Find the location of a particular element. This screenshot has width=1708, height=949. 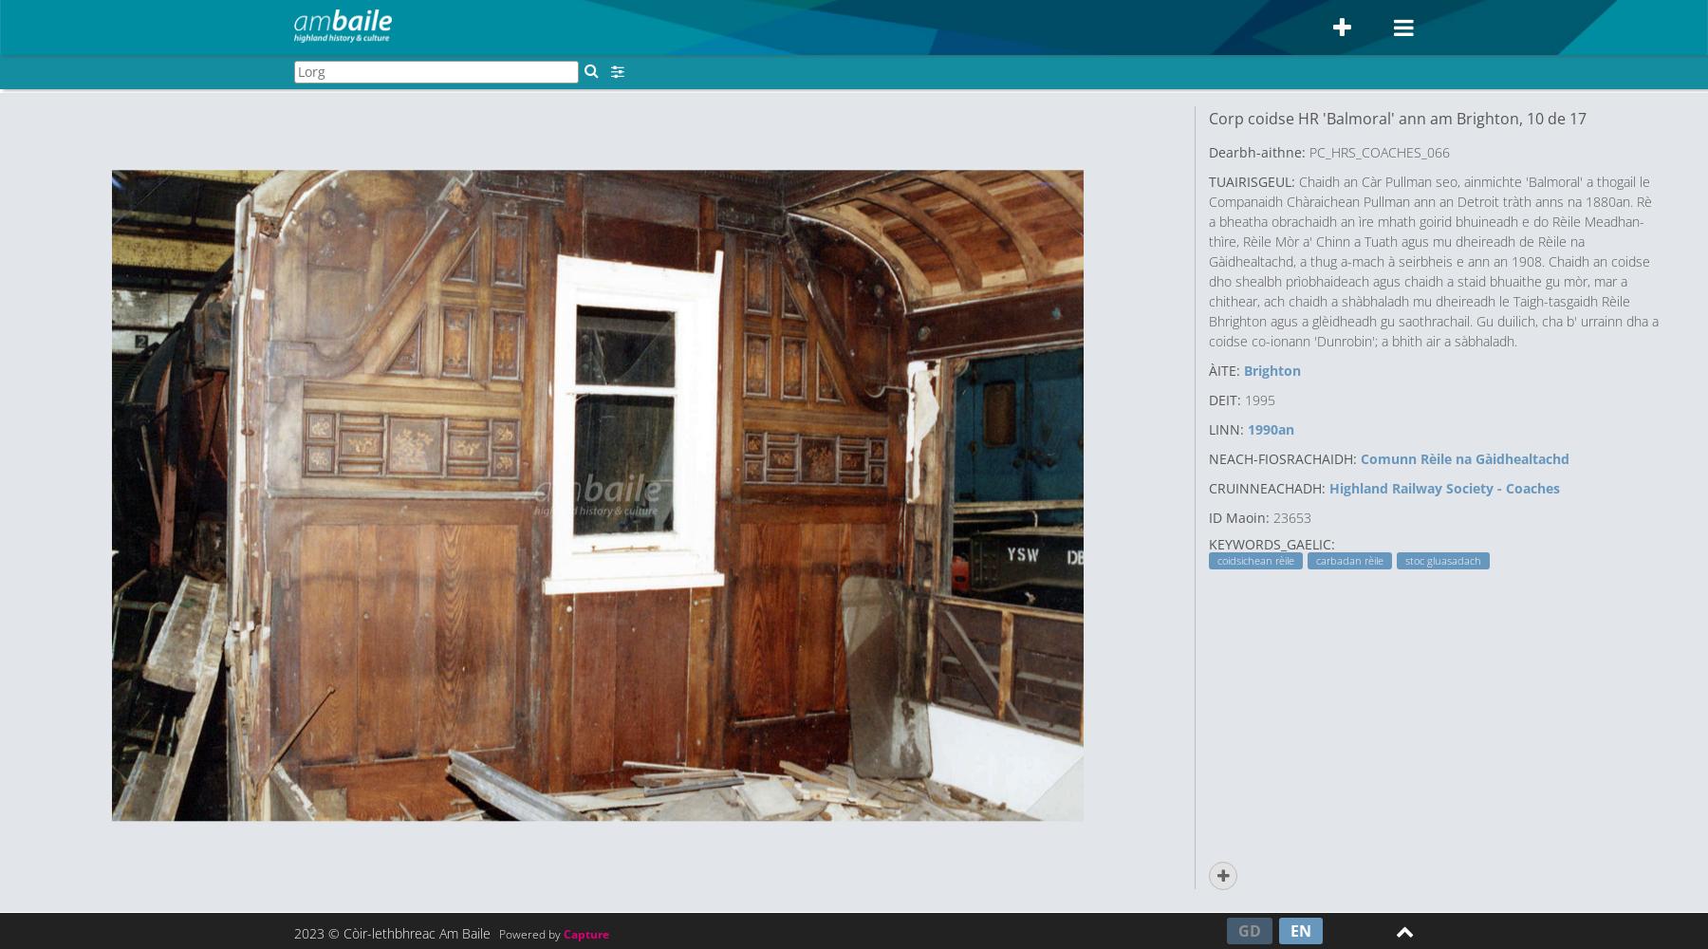

'carbadan rèile' is located at coordinates (1348, 560).